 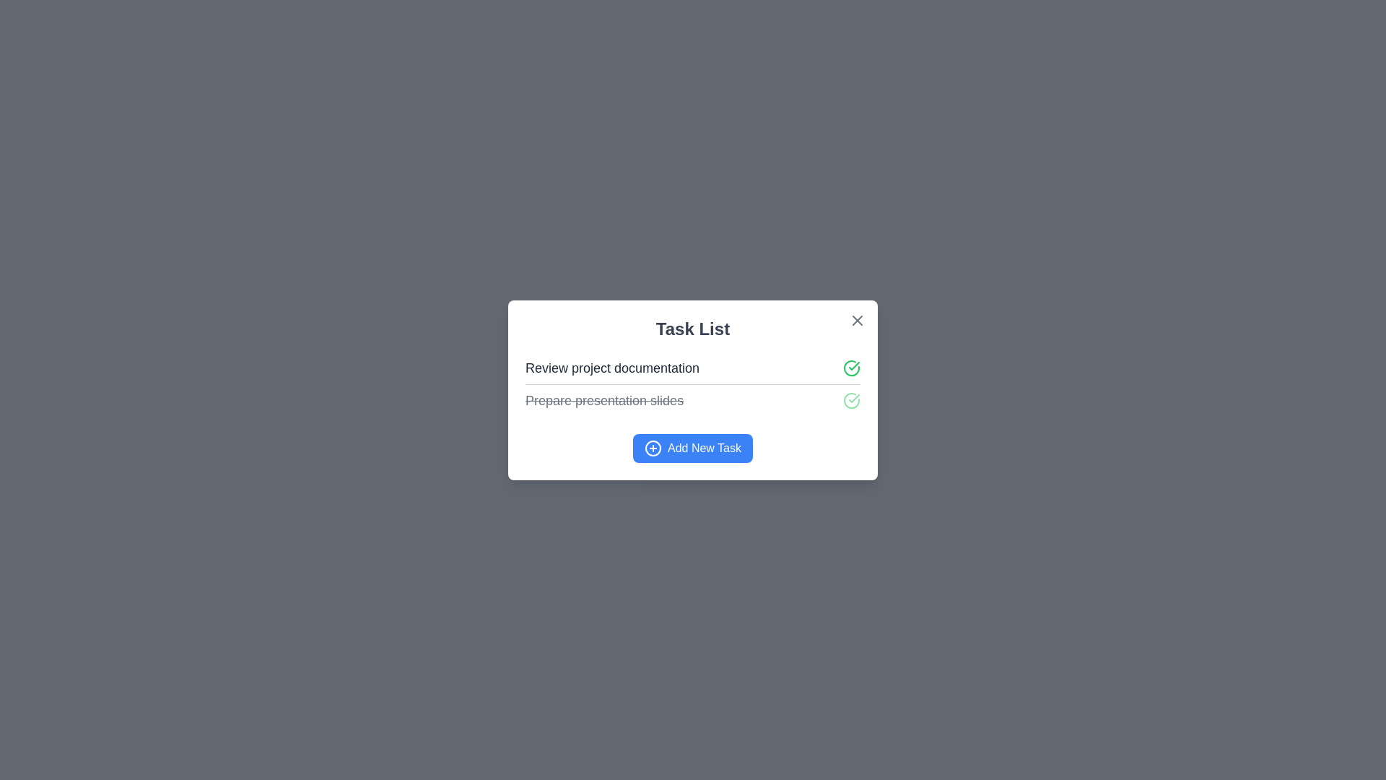 I want to click on the 'Add New Task' button to initiate the task addition process, so click(x=693, y=447).